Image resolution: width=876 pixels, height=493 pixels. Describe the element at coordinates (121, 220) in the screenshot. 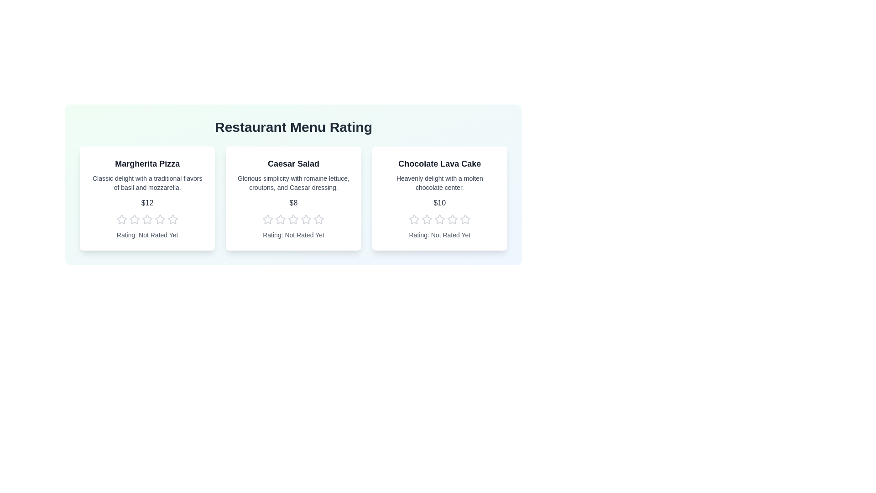

I see `the star corresponding to the desired rating 1 for the menu item Margherita Pizza` at that location.